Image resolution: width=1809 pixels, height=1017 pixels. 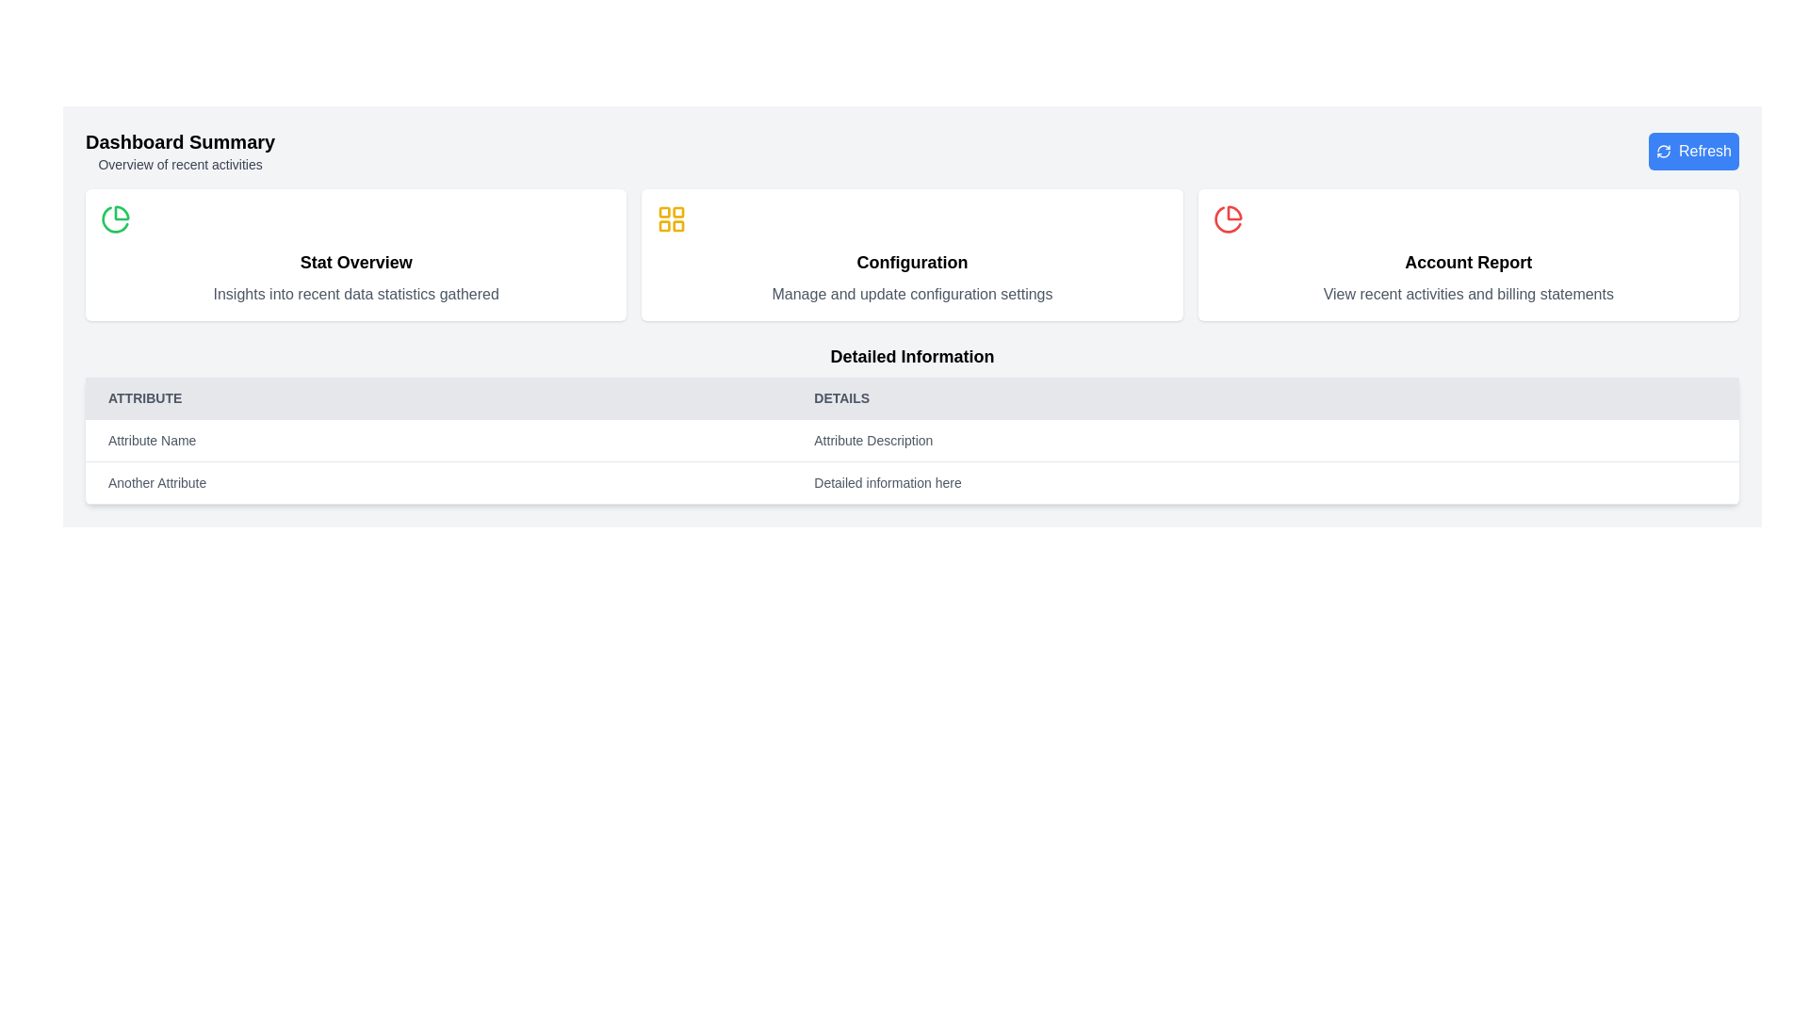 What do you see at coordinates (1467, 262) in the screenshot?
I see `text of the 'Account Report' heading, which is a bold and prominent text styled with a large font size, located within a white, rounded rectangular card` at bounding box center [1467, 262].